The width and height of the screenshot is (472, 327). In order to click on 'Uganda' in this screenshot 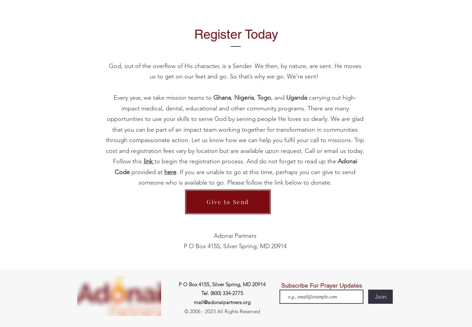, I will do `click(297, 97)`.